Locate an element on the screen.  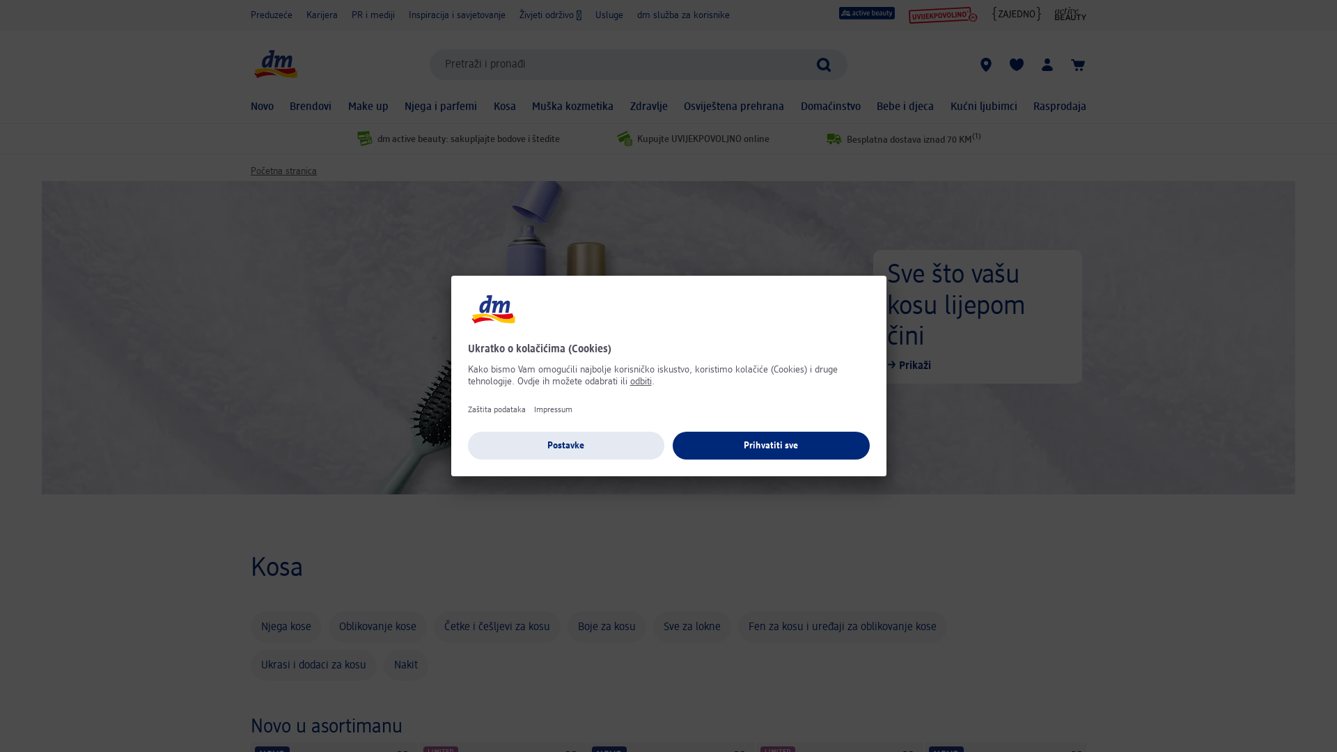
'Njega kose' is located at coordinates (280, 627).